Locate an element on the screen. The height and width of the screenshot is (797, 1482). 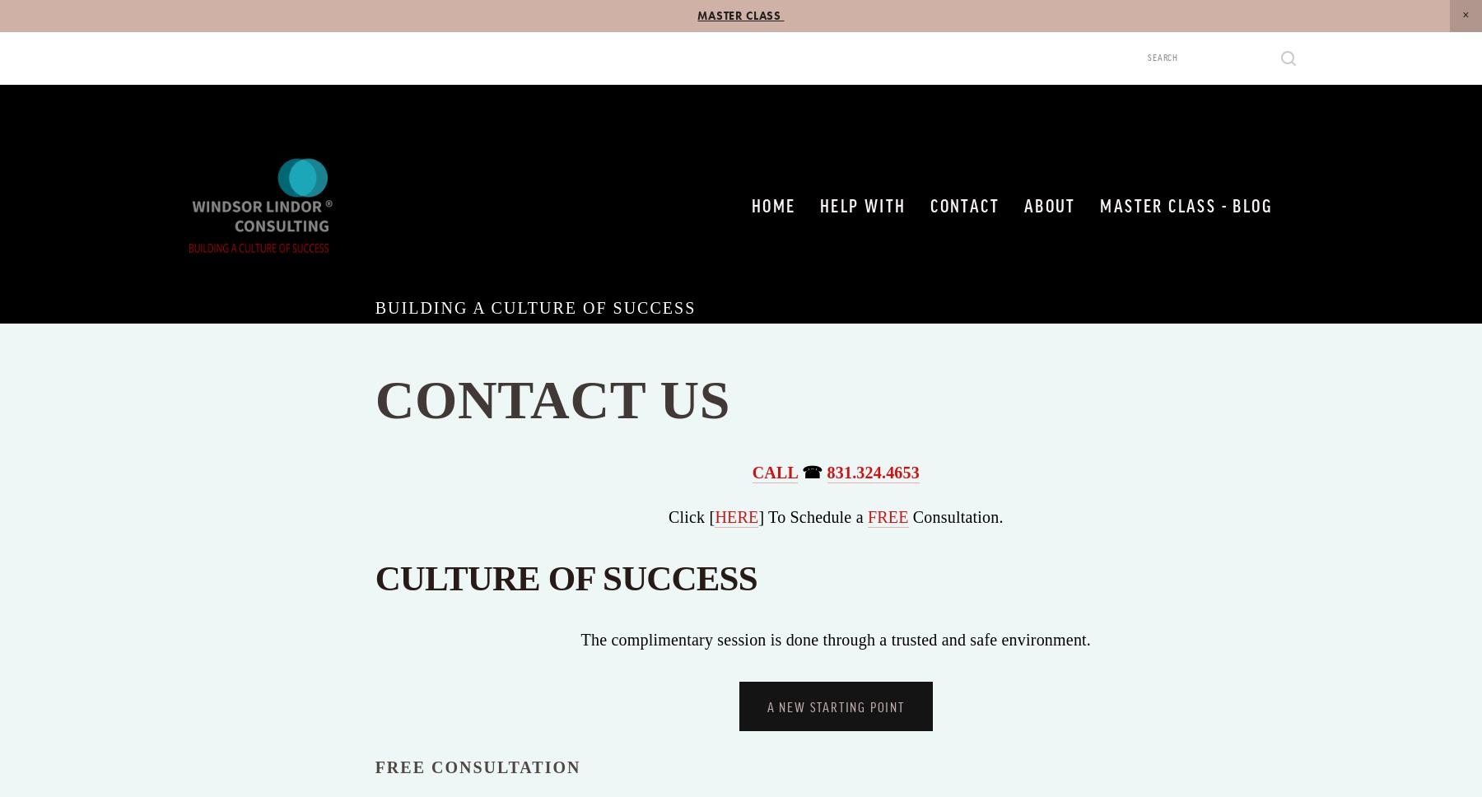
'A NEW STARTING POINT' is located at coordinates (835, 704).